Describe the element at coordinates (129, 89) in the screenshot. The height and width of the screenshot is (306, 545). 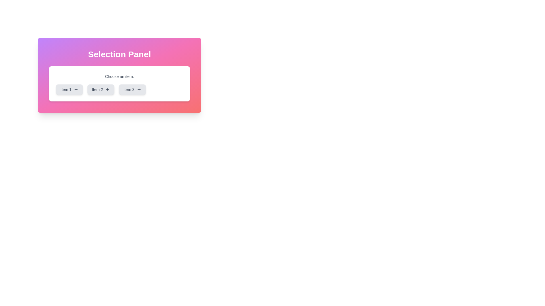
I see `the text label indicating the function of the 'Item 3' button, which is the rightmost button in a horizontal list of three buttons under the 'Selection Panel'` at that location.